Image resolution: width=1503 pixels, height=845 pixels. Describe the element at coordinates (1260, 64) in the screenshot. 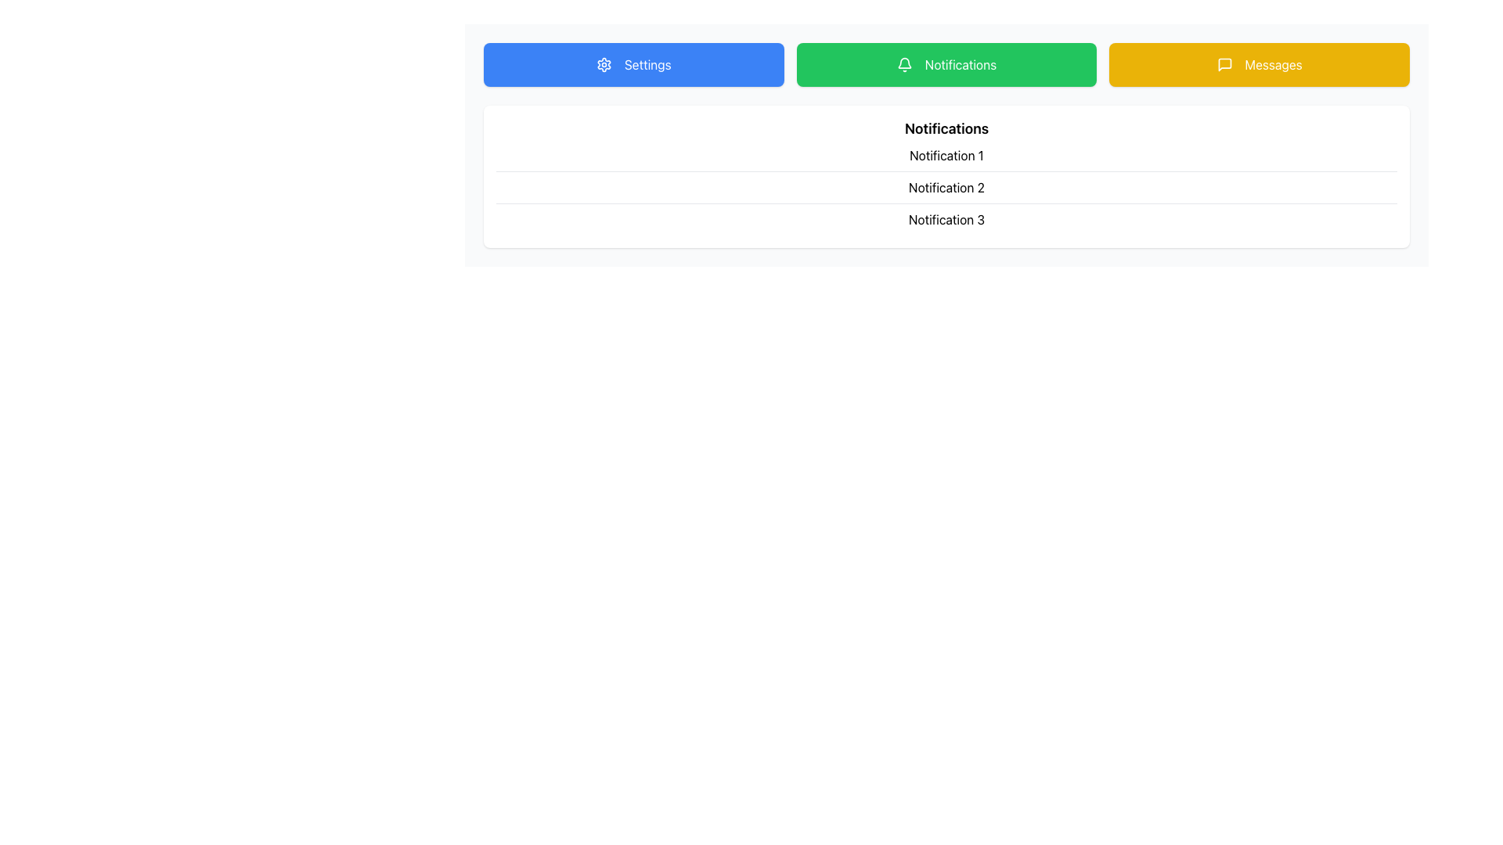

I see `the 'Messages' button, which is the third button from the left in a row of three buttons at the top of the page` at that location.